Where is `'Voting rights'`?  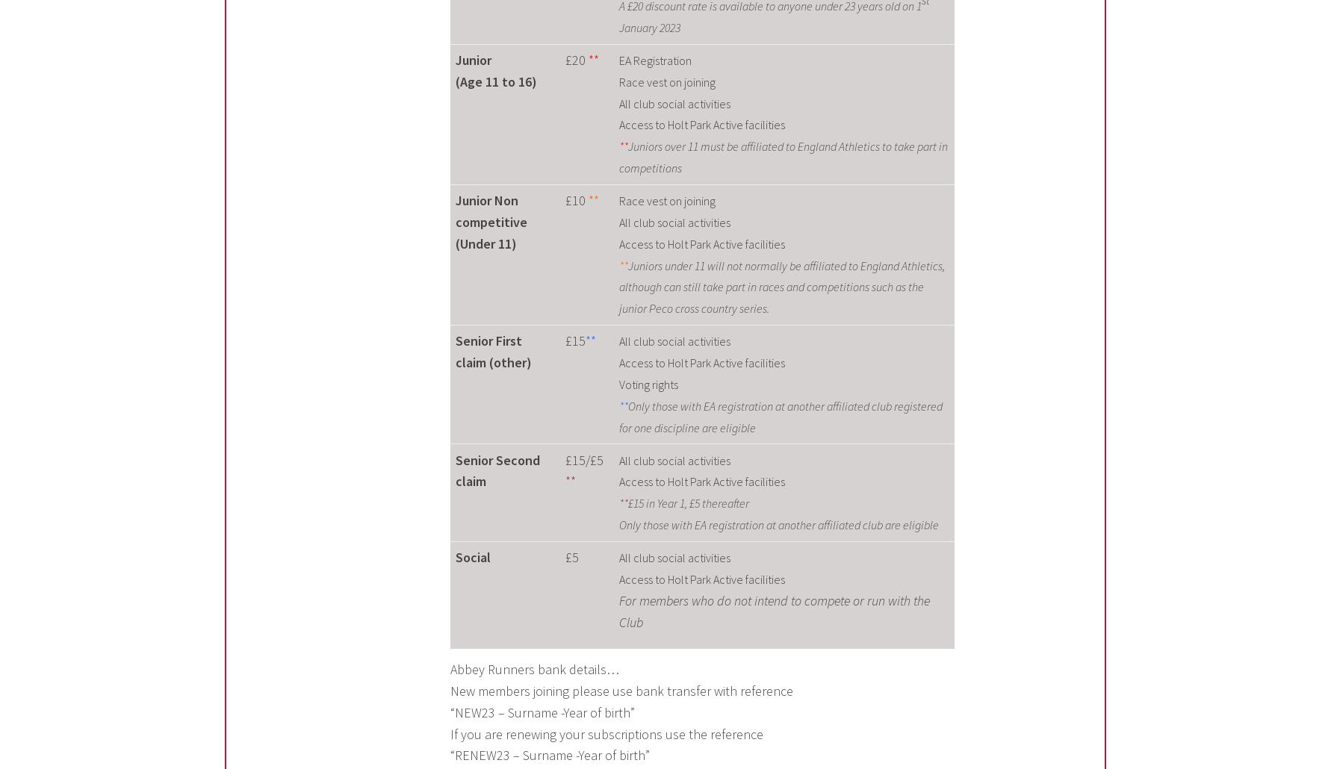
'Voting rights' is located at coordinates (647, 382).